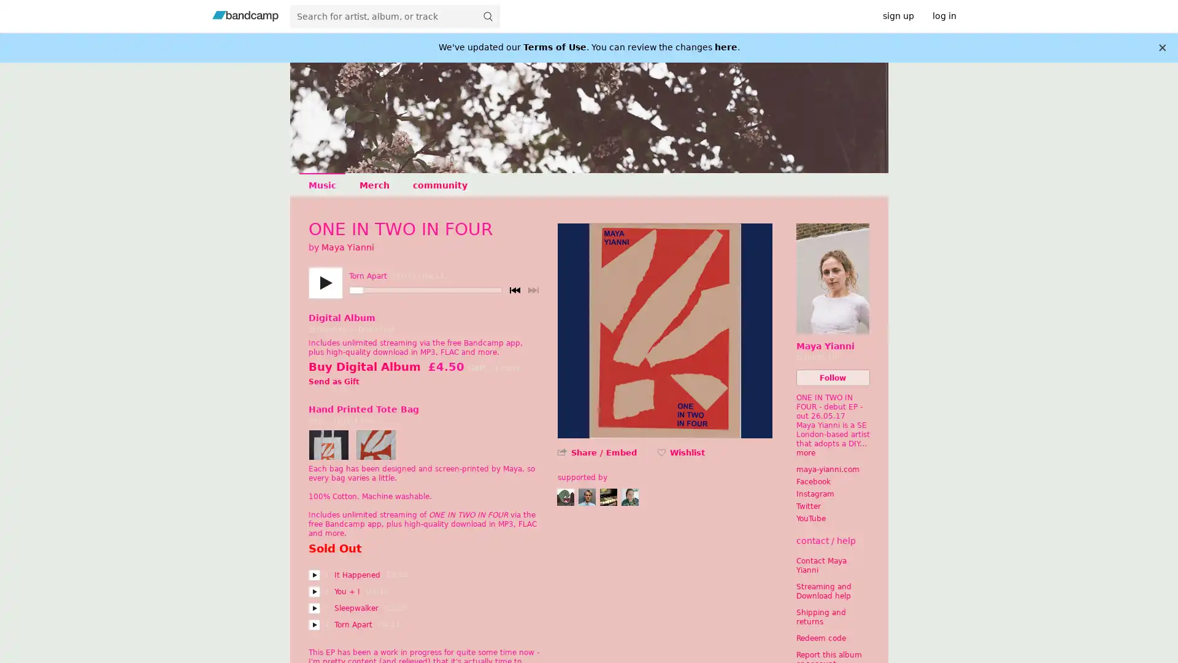 The image size is (1178, 663). I want to click on Follow, so click(833, 377).